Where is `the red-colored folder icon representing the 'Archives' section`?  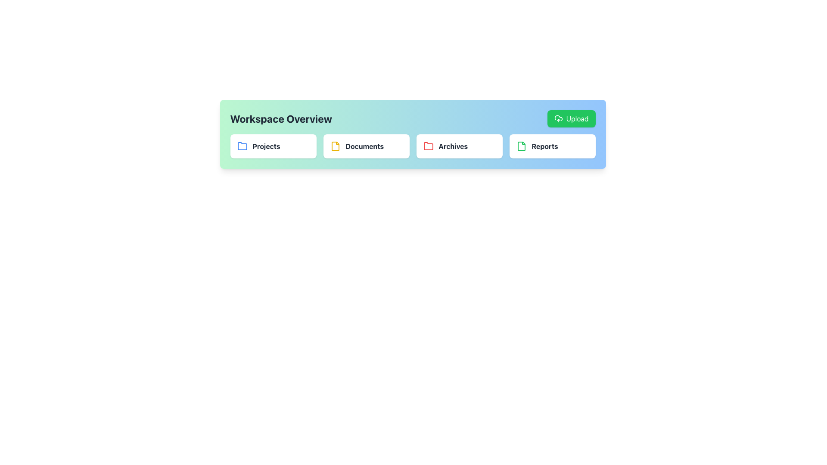 the red-colored folder icon representing the 'Archives' section is located at coordinates (428, 146).